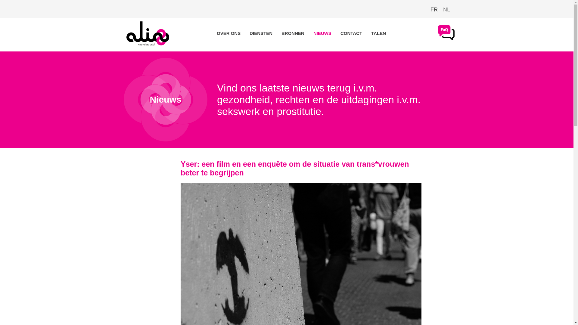 This screenshot has width=578, height=325. I want to click on 'TALEN', so click(378, 33).